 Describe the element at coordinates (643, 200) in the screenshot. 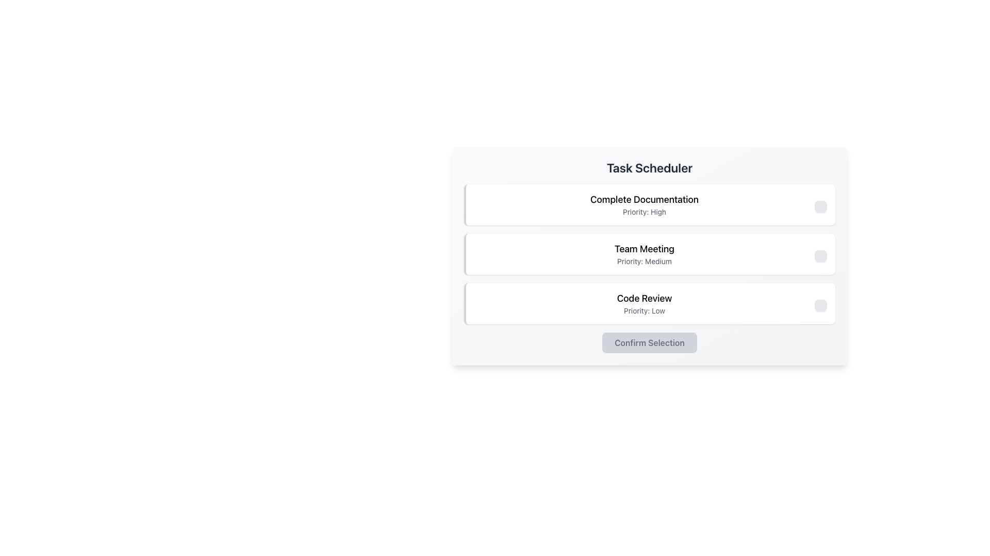

I see `the descriptive label for a task item in the task scheduler, located at the top of the task list panel, above the text 'Priority: High'` at that location.